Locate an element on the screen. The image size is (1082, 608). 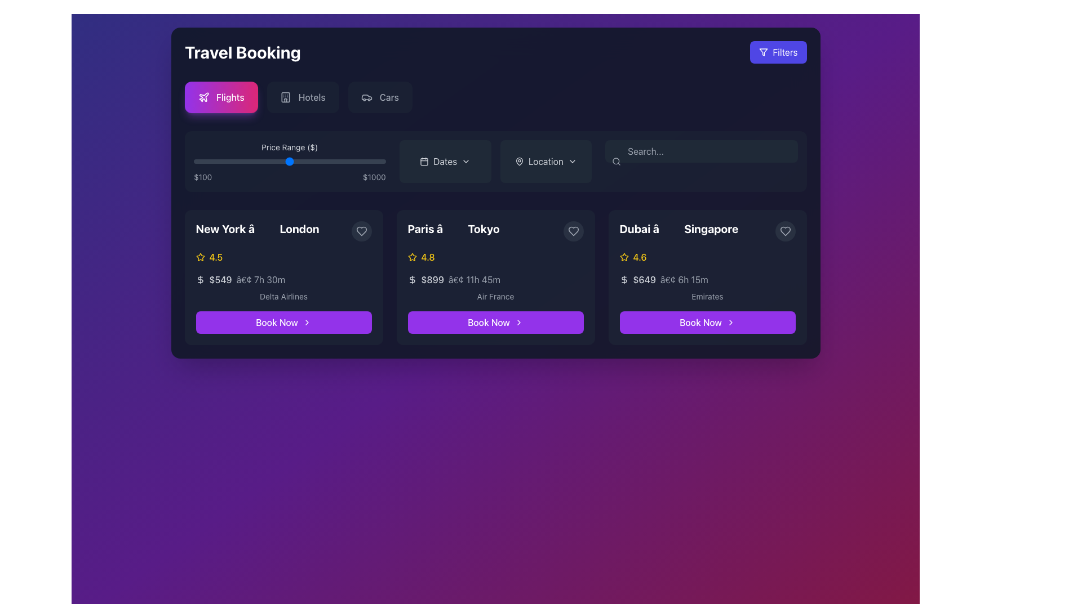
the 'Book Now' text label inside the purple button for the route from Dubai is located at coordinates (700, 323).